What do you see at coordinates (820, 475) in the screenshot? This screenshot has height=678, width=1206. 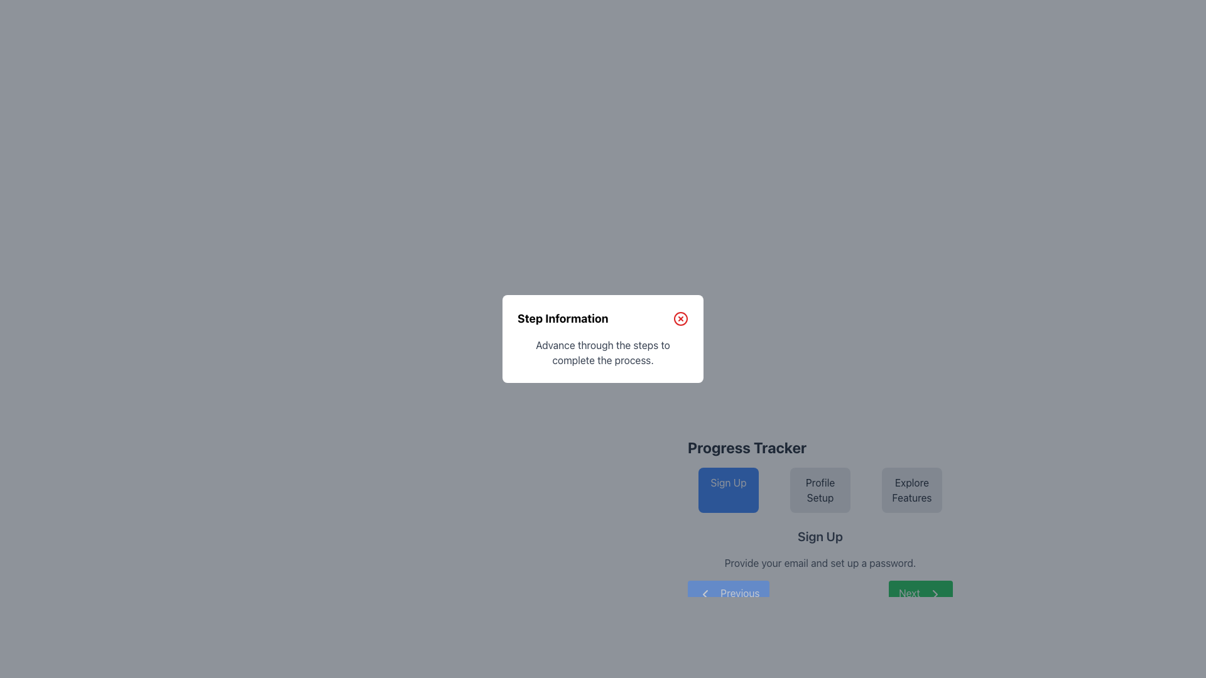 I see `the 'Profile Setup' button, which is the second button in a row of three buttons located under the 'Progress Tracker' heading` at bounding box center [820, 475].